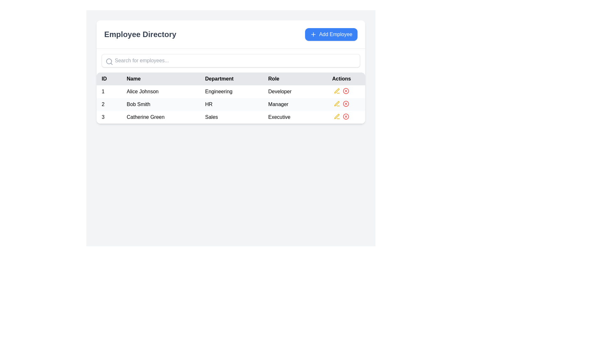 Image resolution: width=614 pixels, height=345 pixels. I want to click on the third table row representing an employee's data for selection, which includes their name, department, and role, so click(230, 117).